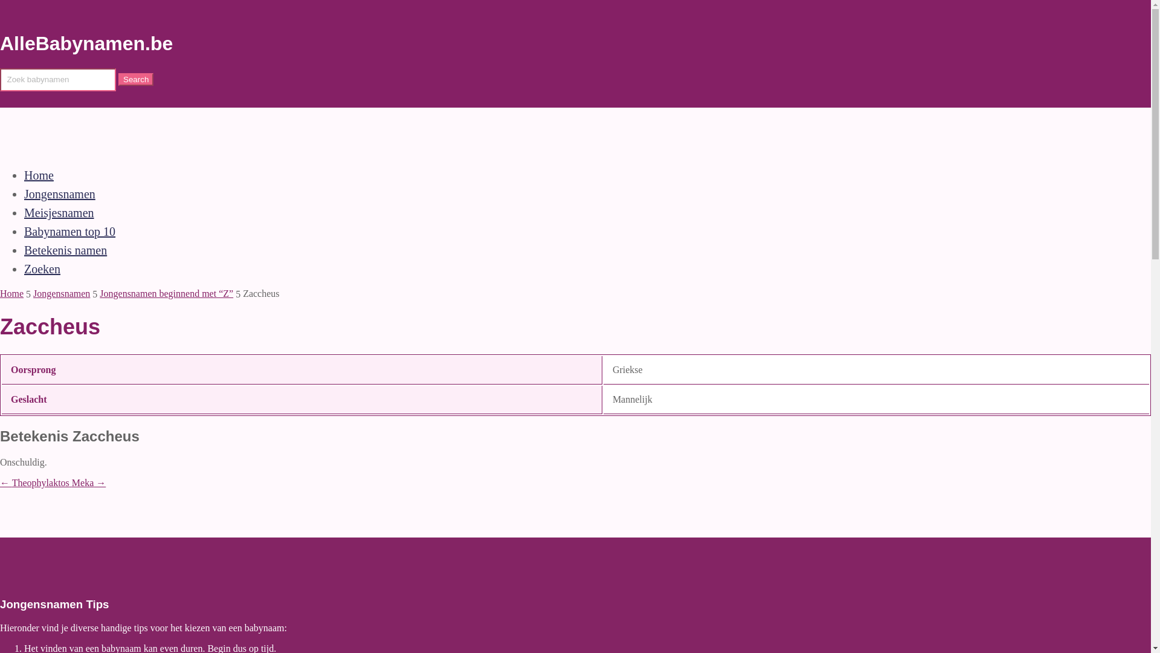 The height and width of the screenshot is (653, 1160). I want to click on 'Home', so click(39, 175).